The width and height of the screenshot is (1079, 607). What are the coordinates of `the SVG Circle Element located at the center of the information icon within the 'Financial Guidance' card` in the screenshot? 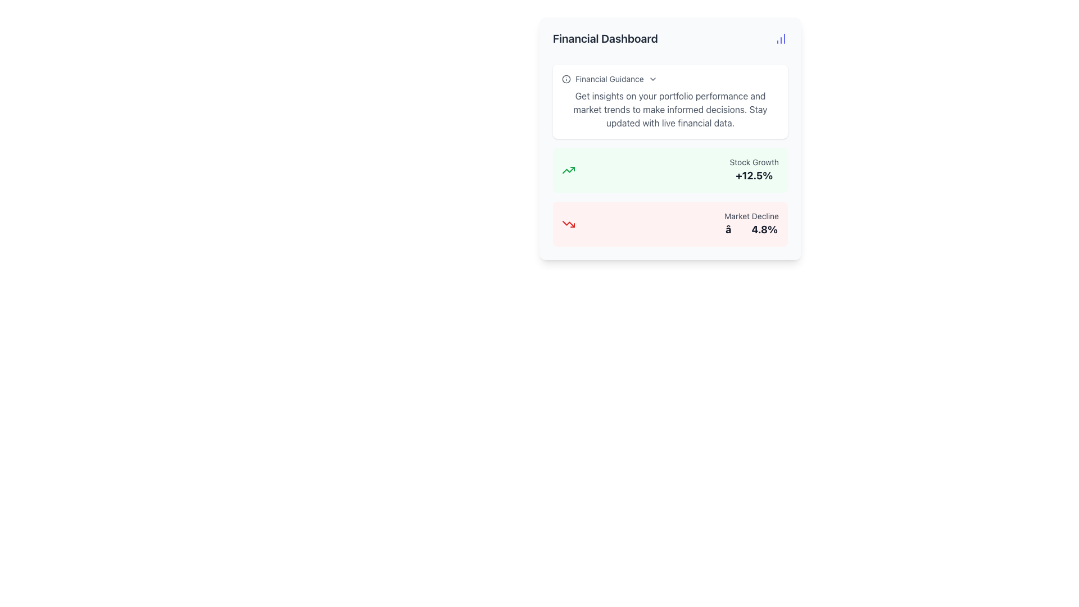 It's located at (566, 79).